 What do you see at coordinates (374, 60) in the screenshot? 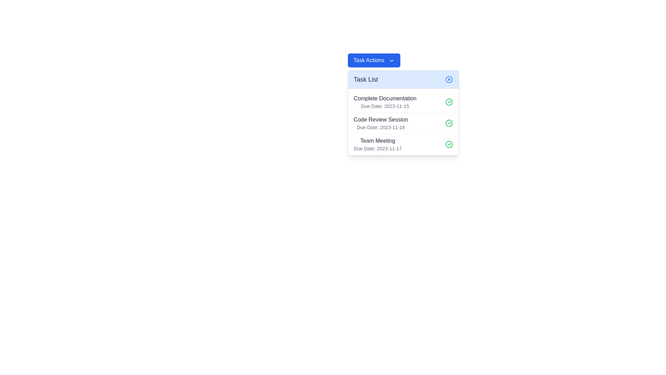
I see `the blue button labeled 'Task Actions' with a chevron-down icon` at bounding box center [374, 60].